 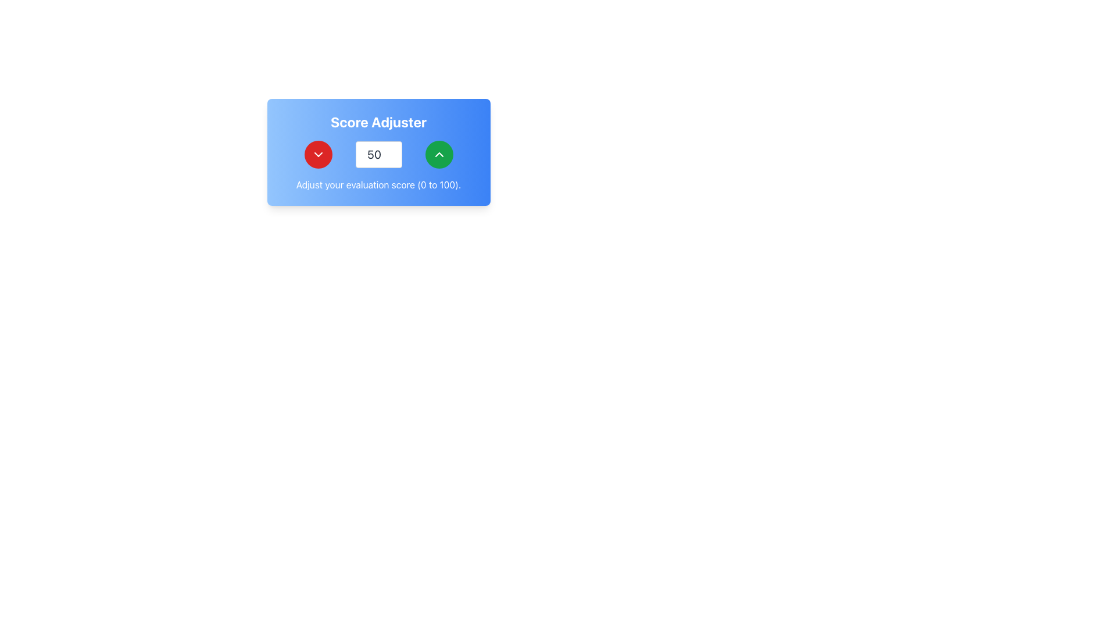 I want to click on the green upward arrow button located on the far right of the Score Adjuster box, so click(x=438, y=154).